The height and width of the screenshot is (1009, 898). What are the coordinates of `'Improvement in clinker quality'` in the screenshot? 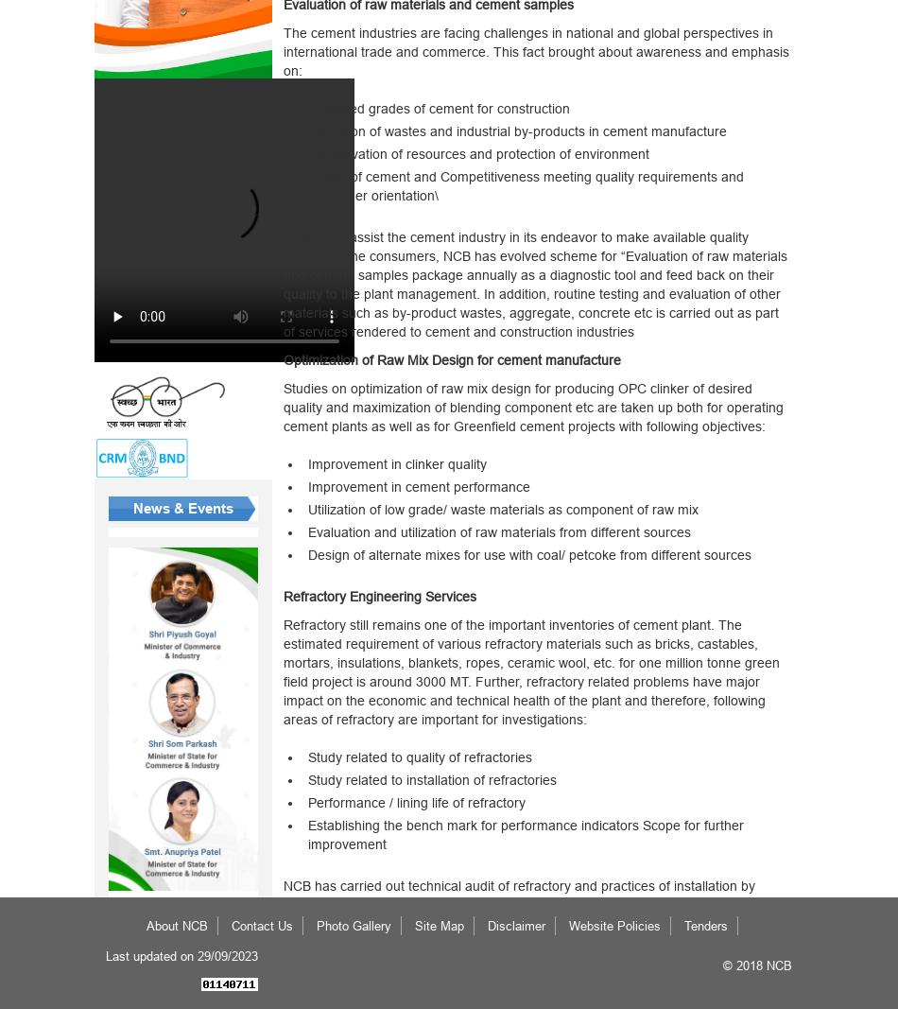 It's located at (395, 461).